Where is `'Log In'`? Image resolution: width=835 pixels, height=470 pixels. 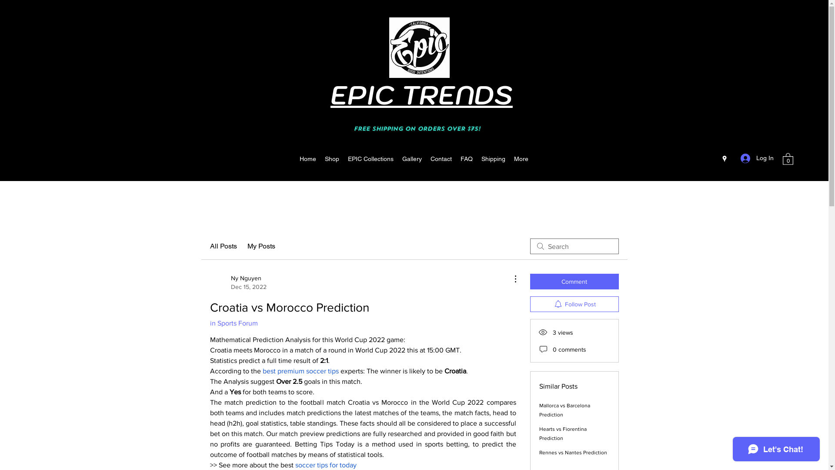 'Log In' is located at coordinates (734, 158).